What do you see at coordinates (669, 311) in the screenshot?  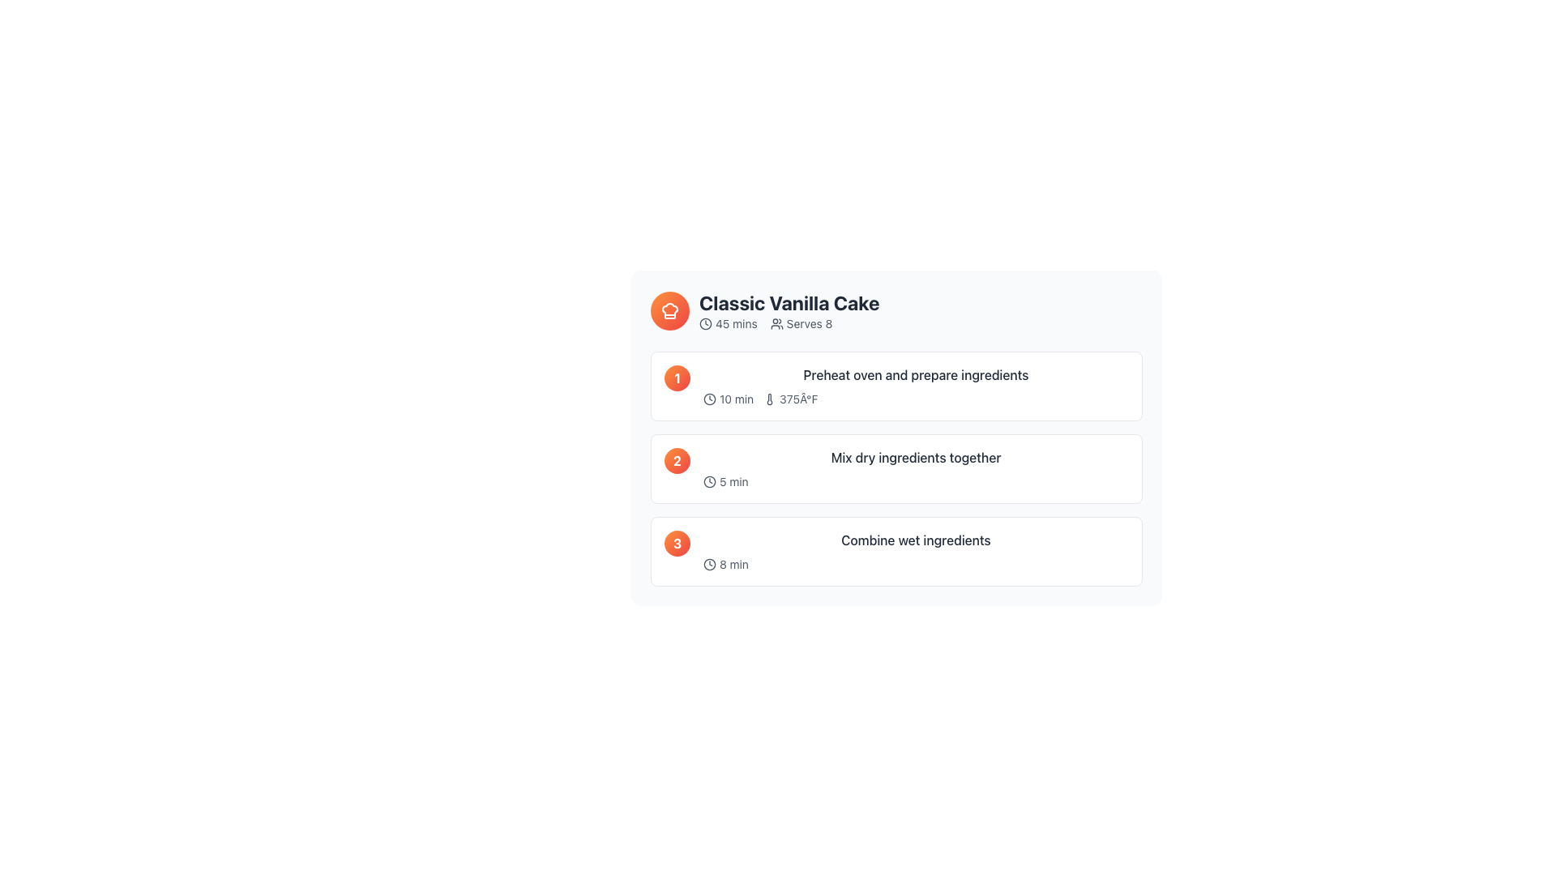 I see `the circular icon with a gradient background transitioning from orange to red, which contains a chef's hat graphic in white, located in the header section of the card layout next to the main text 'Classic Vanilla Cake'` at bounding box center [669, 311].